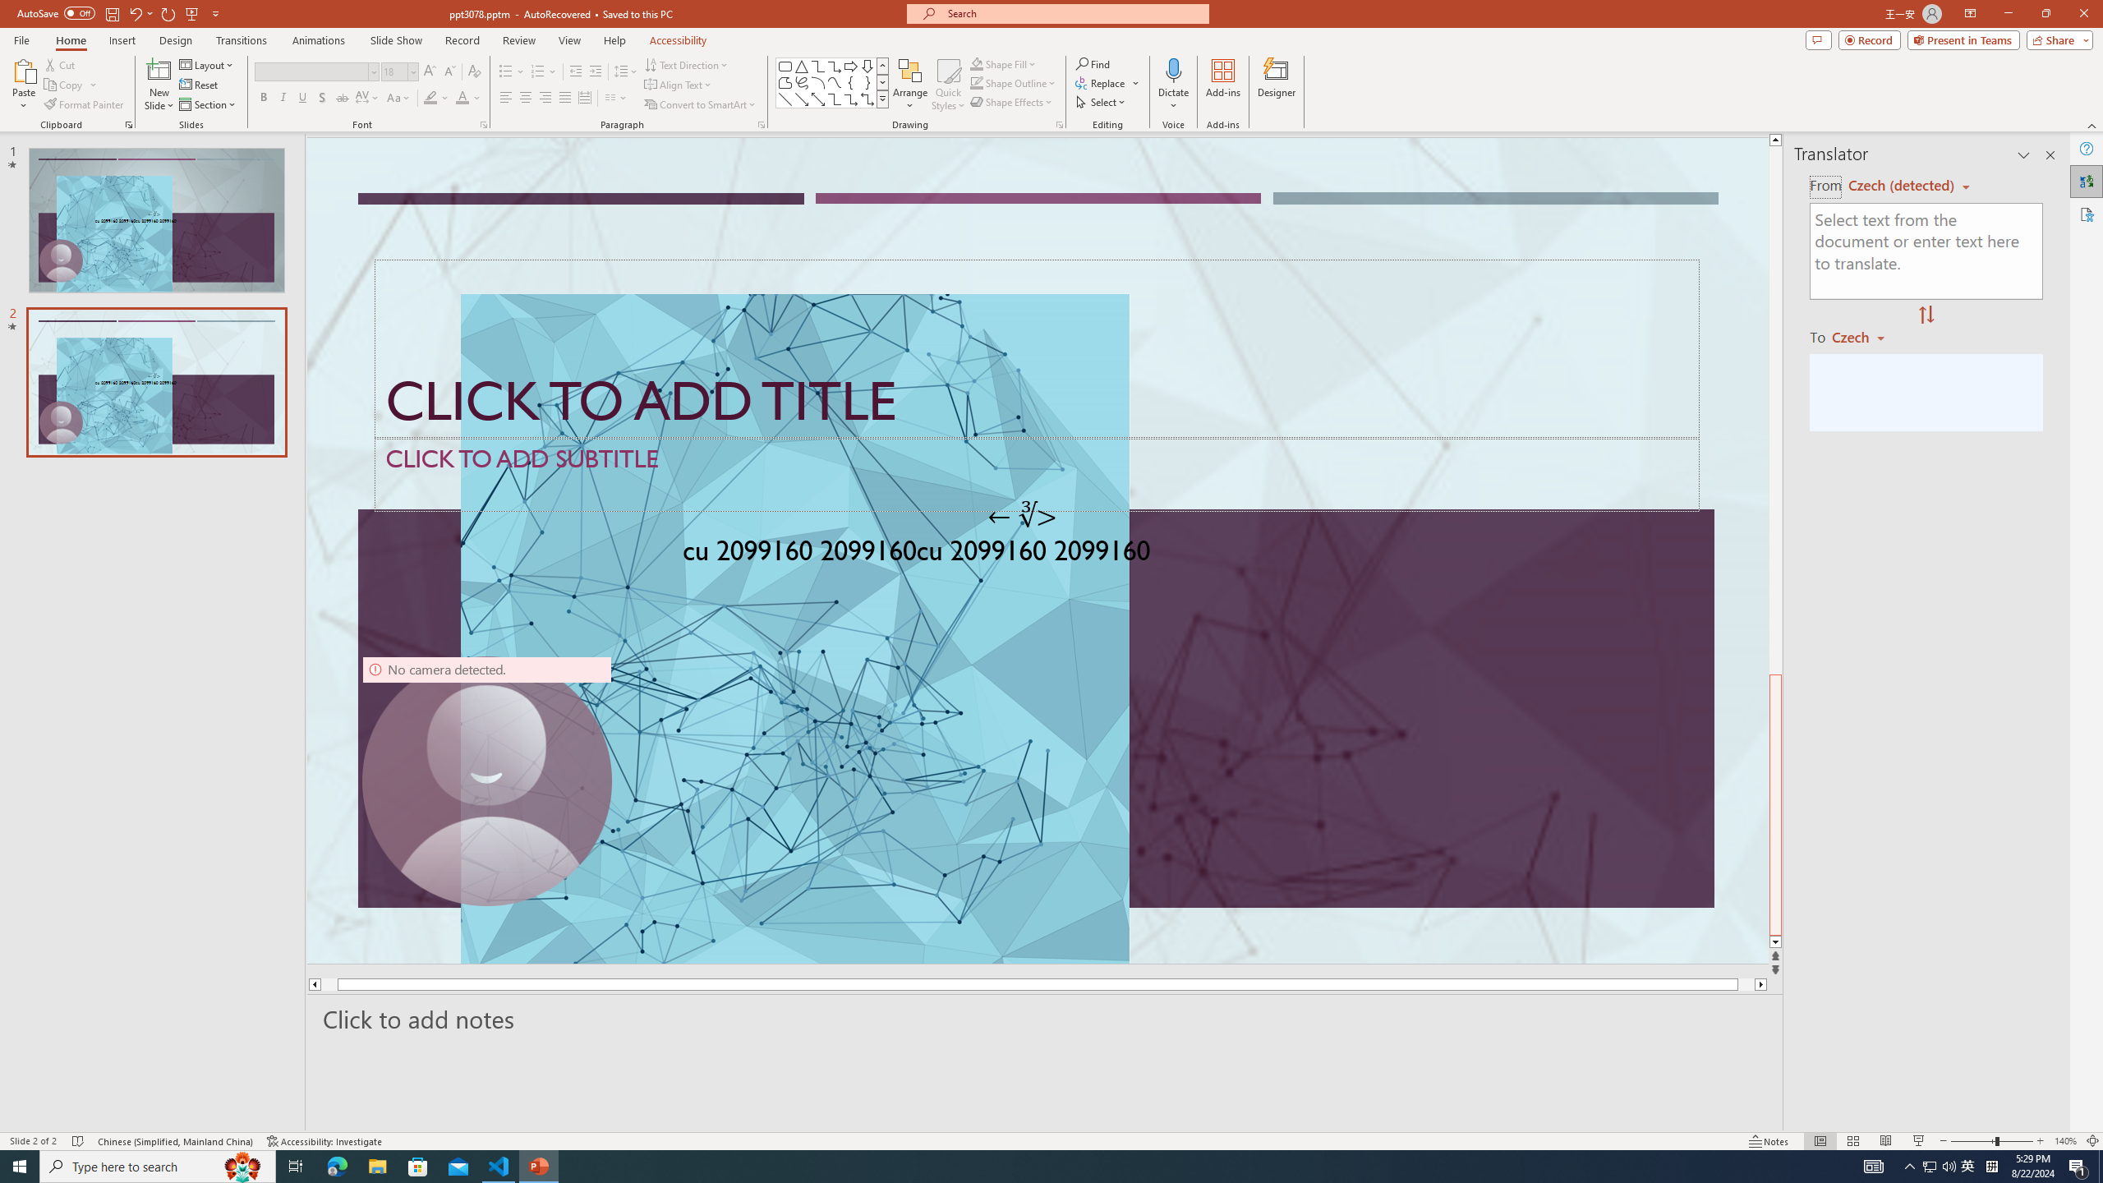  What do you see at coordinates (817, 98) in the screenshot?
I see `'Line Arrow: Double'` at bounding box center [817, 98].